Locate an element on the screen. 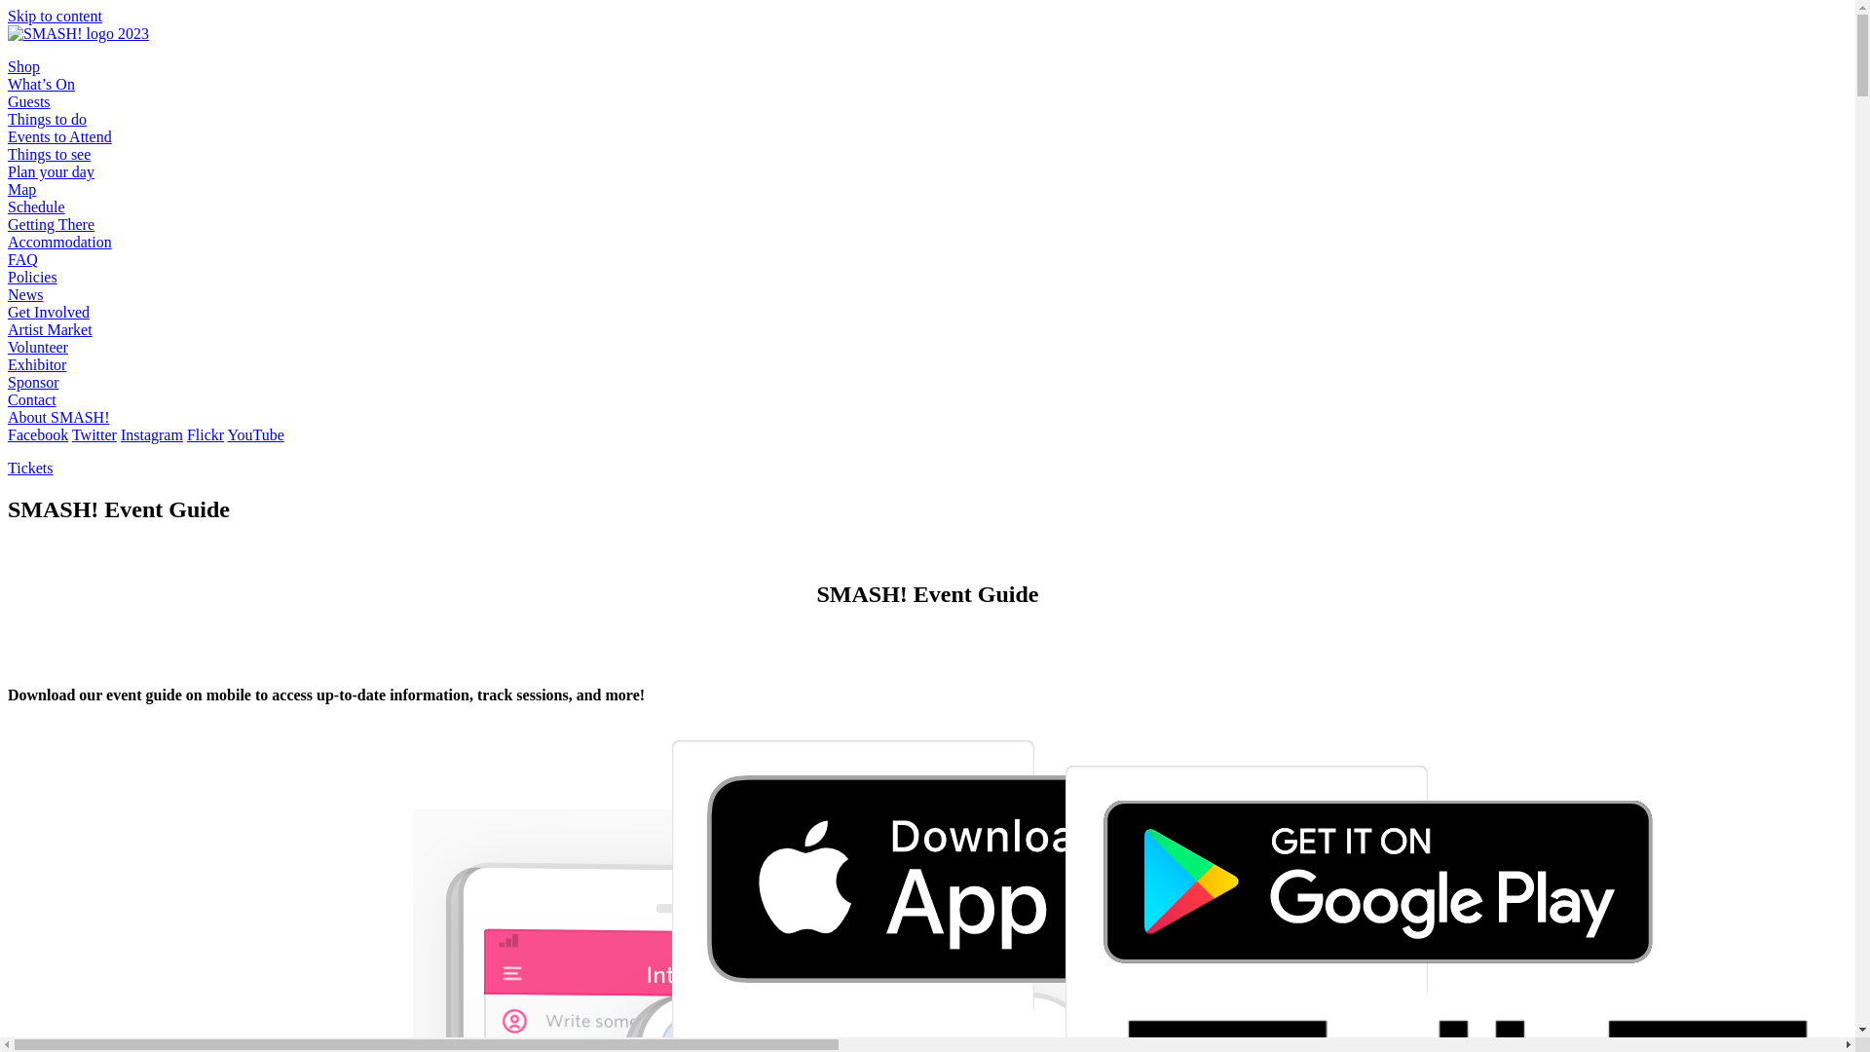 Image resolution: width=1870 pixels, height=1052 pixels. 'YouTube' is located at coordinates (228, 433).